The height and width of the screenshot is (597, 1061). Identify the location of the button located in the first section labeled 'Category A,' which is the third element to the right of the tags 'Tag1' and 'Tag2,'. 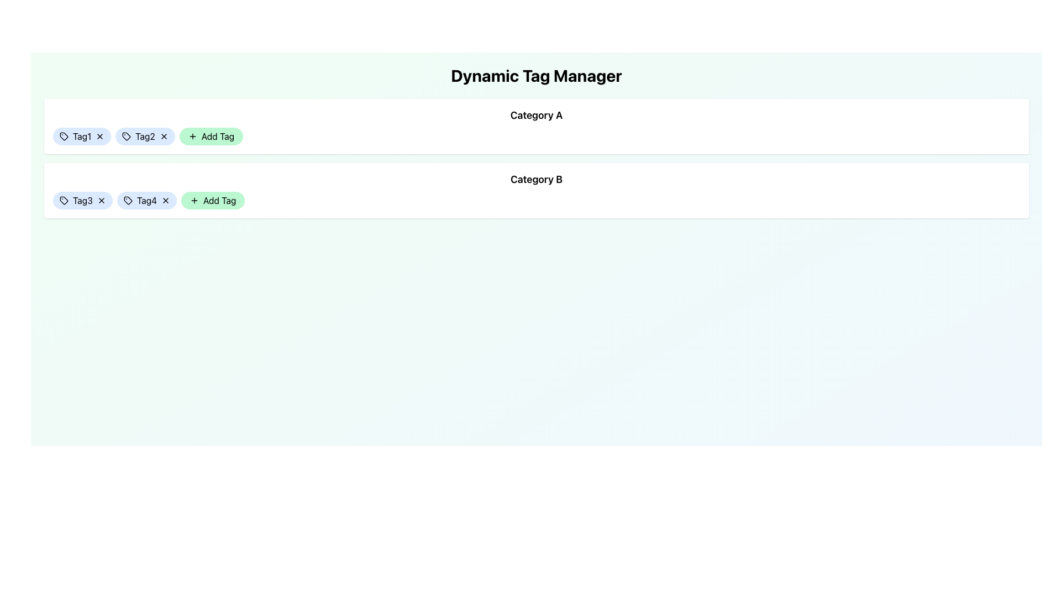
(211, 135).